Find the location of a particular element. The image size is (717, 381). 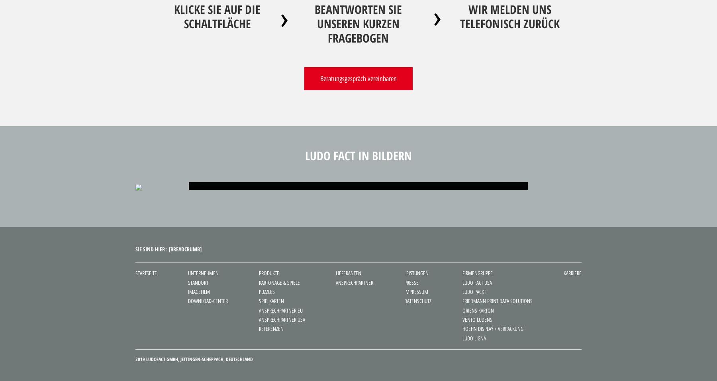

'Ansprechpartner' is located at coordinates (354, 282).